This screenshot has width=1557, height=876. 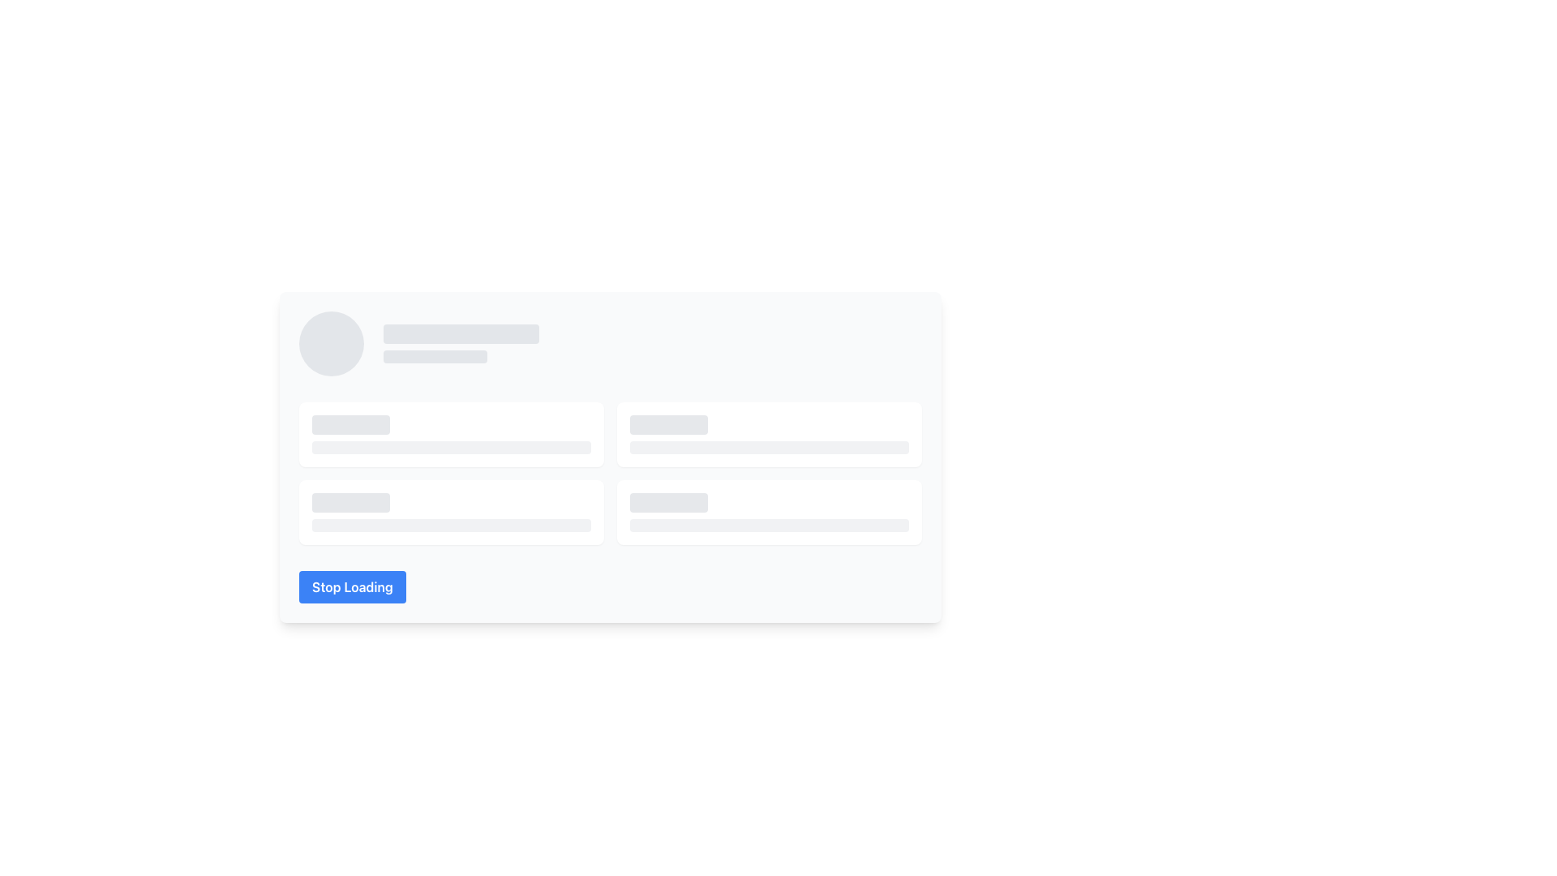 I want to click on the blue rectangular button with rounded corners that displays the text 'Stop Loading' to observe potential effects, so click(x=351, y=587).